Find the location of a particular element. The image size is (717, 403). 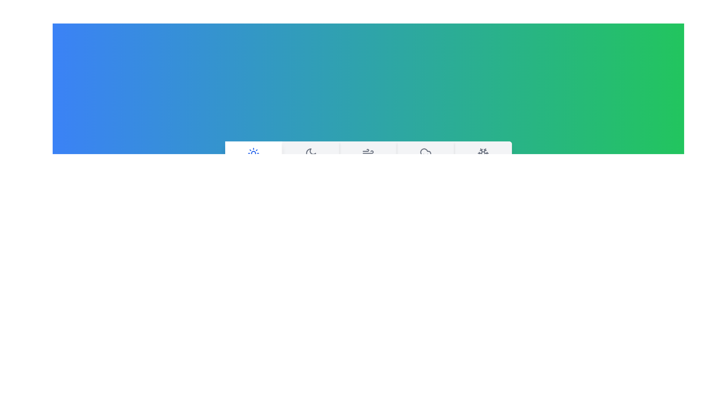

the weather tab labeled Sunny is located at coordinates (254, 160).